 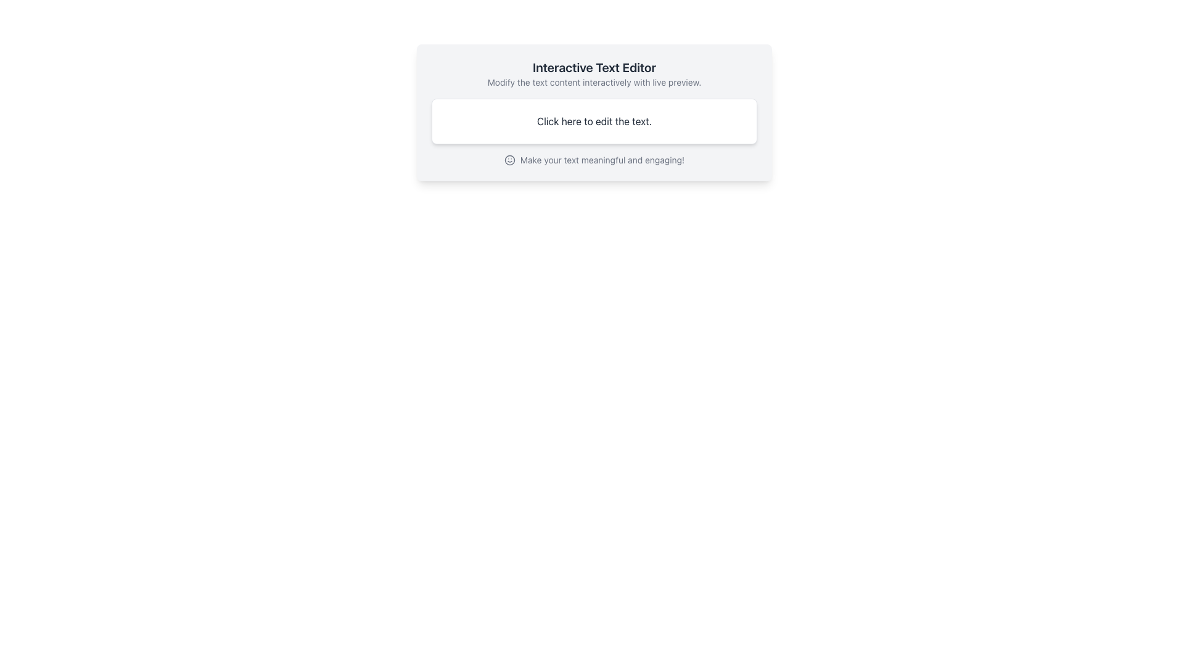 I want to click on the topmost text label of the 'Interactive Text Editor' section, which introduces the content below it, so click(x=594, y=68).